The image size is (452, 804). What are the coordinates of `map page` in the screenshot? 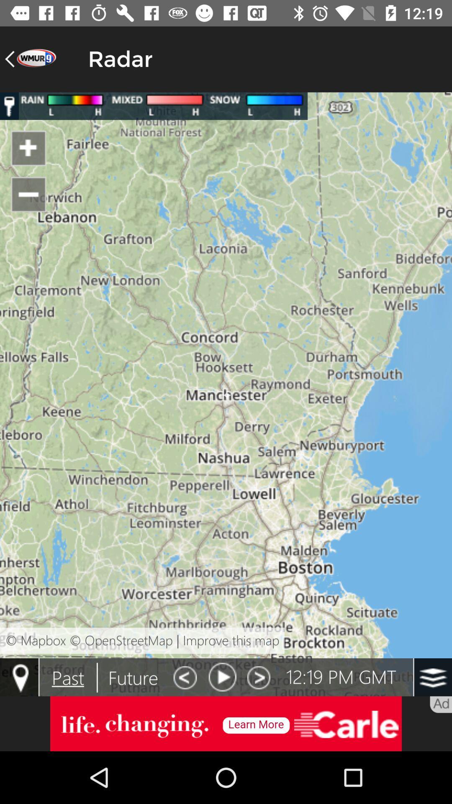 It's located at (226, 394).